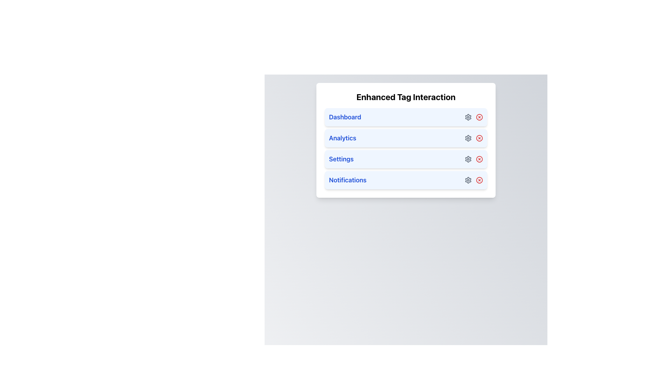 This screenshot has width=672, height=378. I want to click on the gear icon located to the far right of the 'Analytics' row under 'Enhanced Tag Interaction', so click(474, 138).